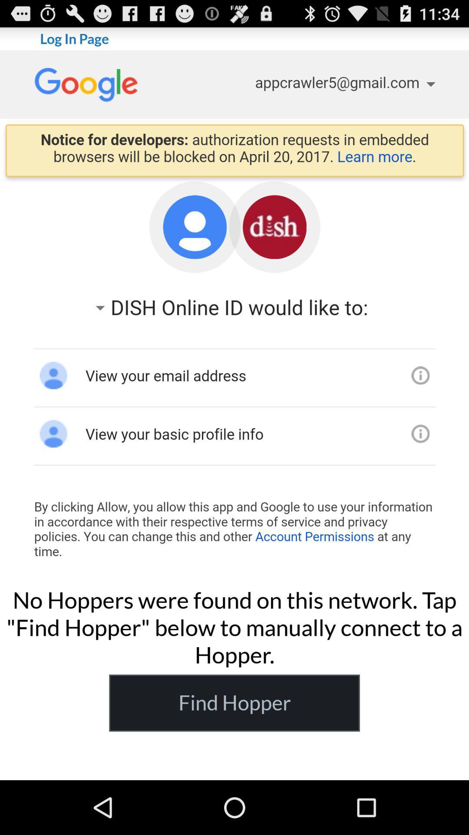 This screenshot has height=835, width=469. Describe the element at coordinates (234, 314) in the screenshot. I see `log in page` at that location.